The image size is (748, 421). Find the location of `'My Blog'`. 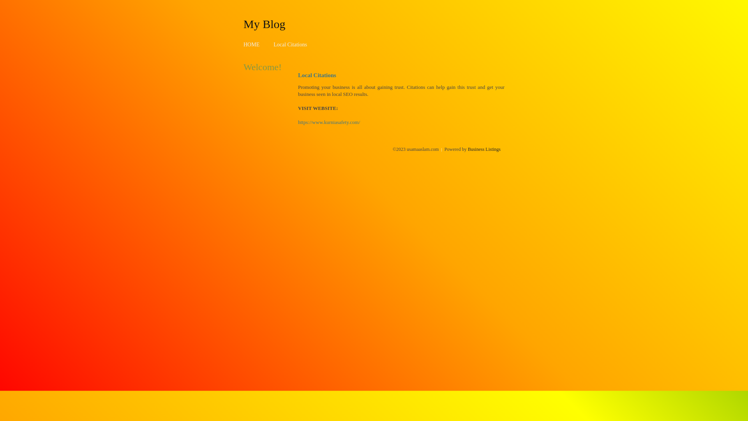

'My Blog' is located at coordinates (264, 23).